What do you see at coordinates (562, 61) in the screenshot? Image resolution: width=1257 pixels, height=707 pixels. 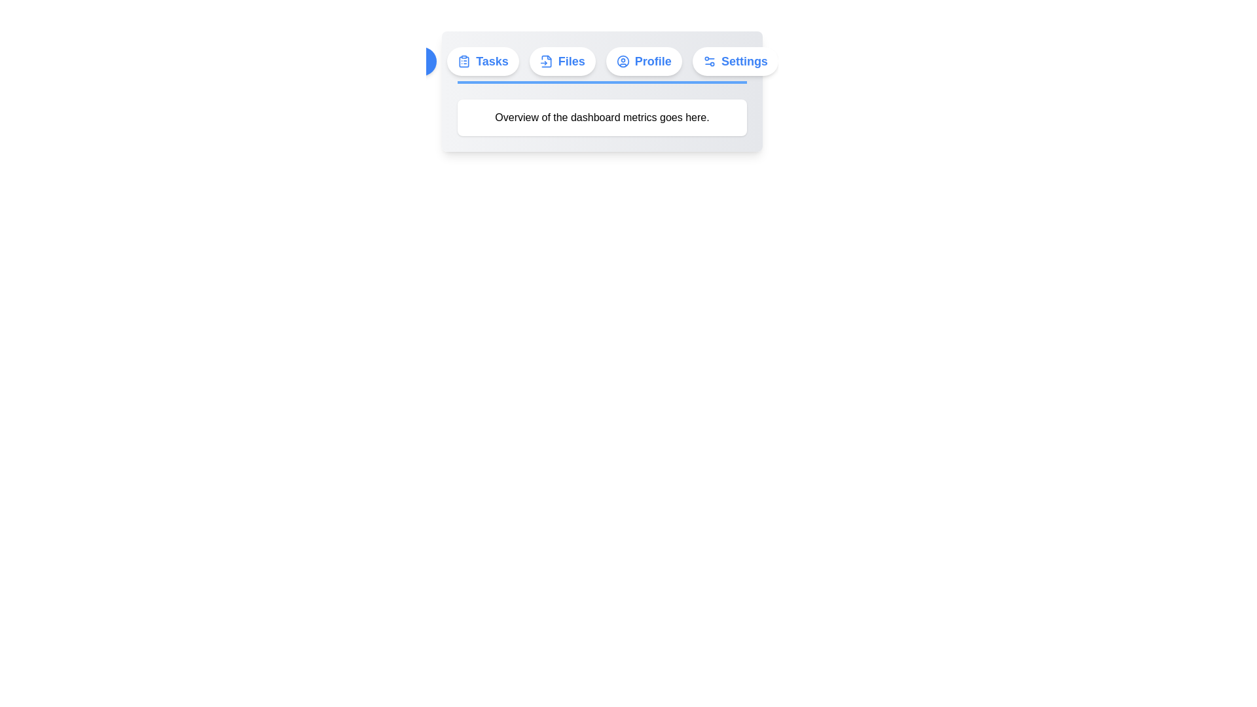 I see `the navigation button that is located third from the left in the horizontal navigation bar, positioned between 'Tasks' and 'Profile'` at bounding box center [562, 61].